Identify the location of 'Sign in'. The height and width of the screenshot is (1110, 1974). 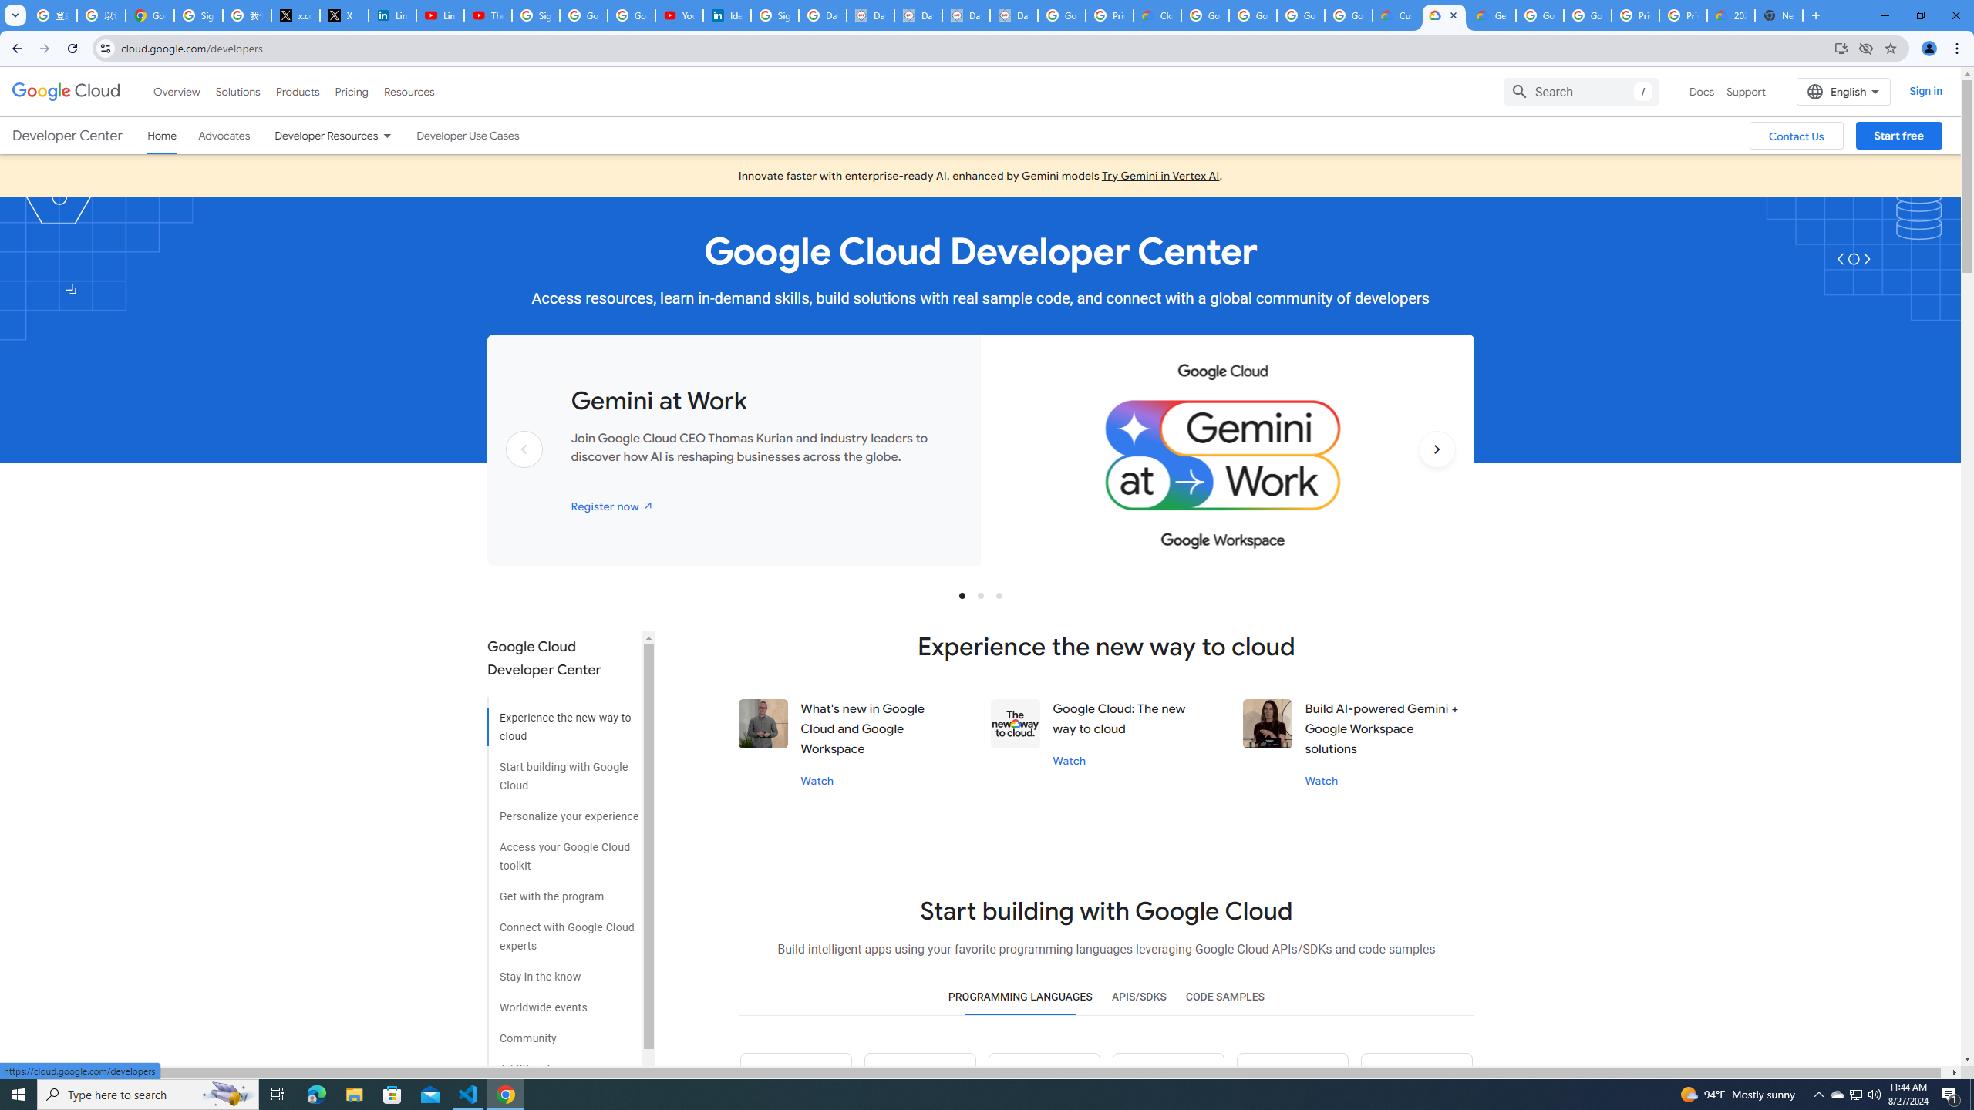
(1925, 91).